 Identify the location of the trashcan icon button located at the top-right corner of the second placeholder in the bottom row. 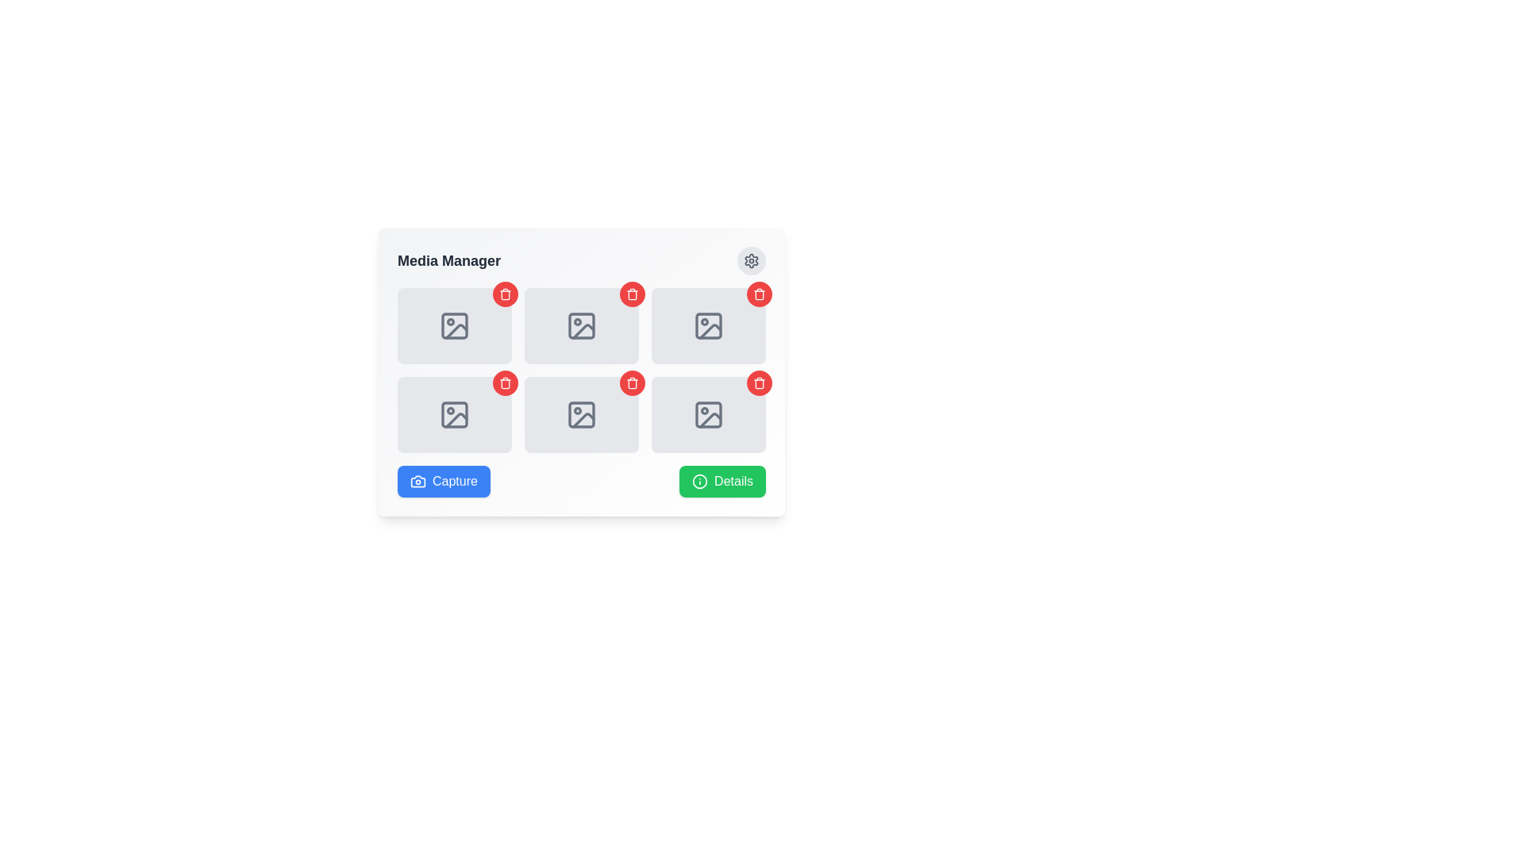
(505, 382).